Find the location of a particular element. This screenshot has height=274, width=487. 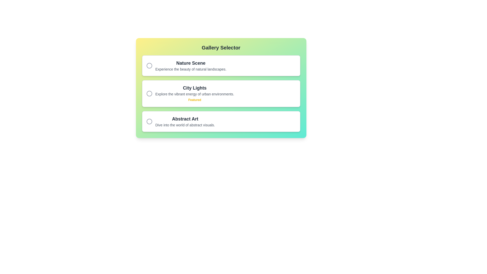

the first radio button in the 'Gallery Selector' is located at coordinates (149, 65).